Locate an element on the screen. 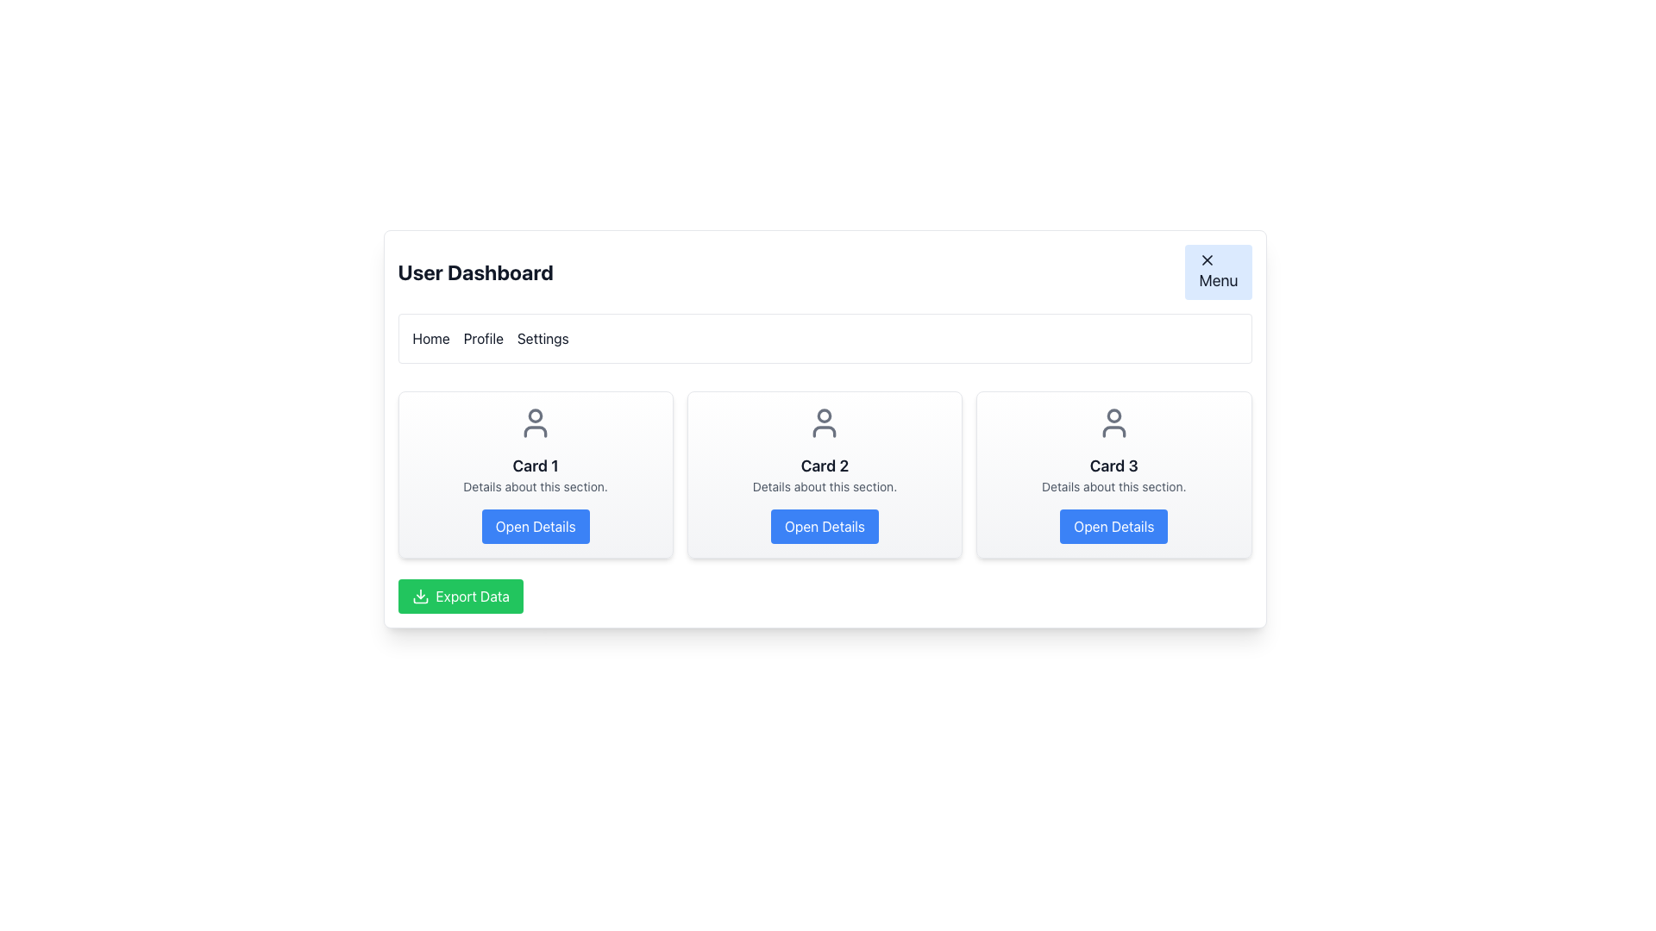  the third item in the horizontal navigation bar, which serves as a navigation button to redirect to the settings page is located at coordinates (542, 339).